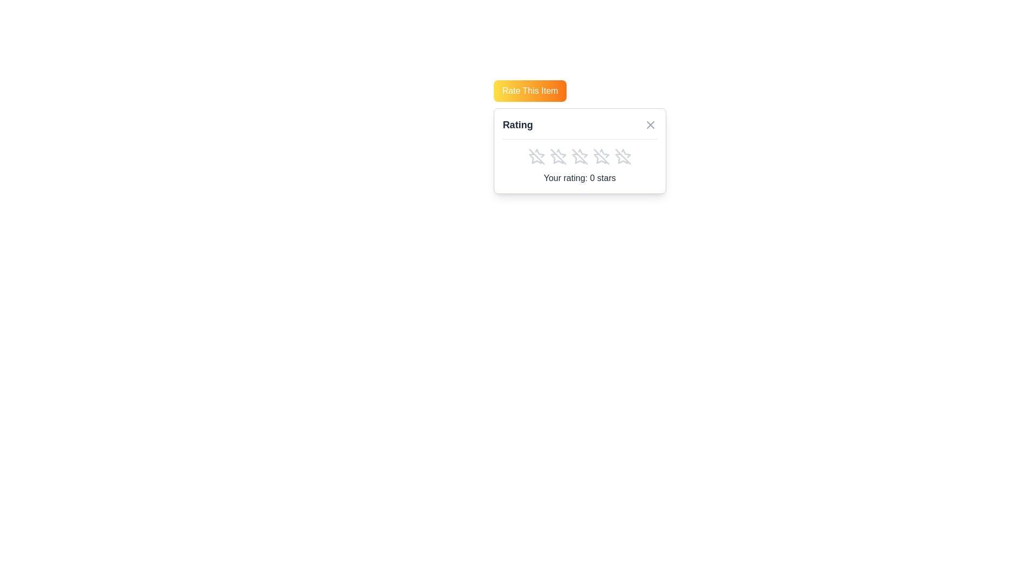 The width and height of the screenshot is (1035, 582). I want to click on the first star icon in the rating widget, so click(536, 156).